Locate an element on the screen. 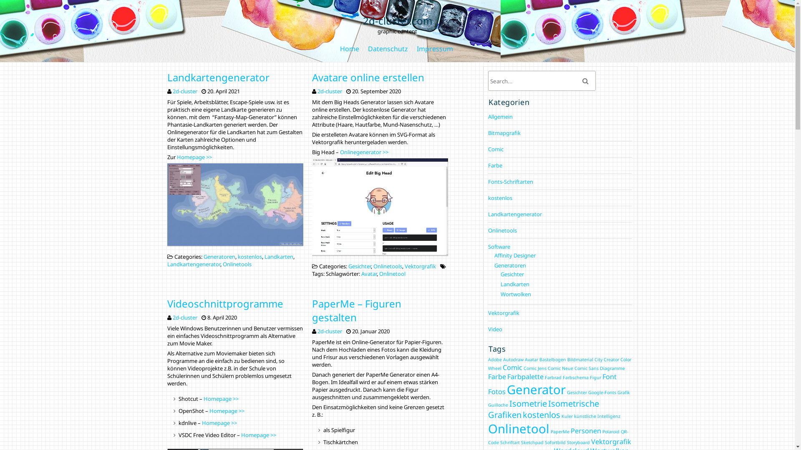 This screenshot has width=801, height=450. 'Home' is located at coordinates (349, 48).